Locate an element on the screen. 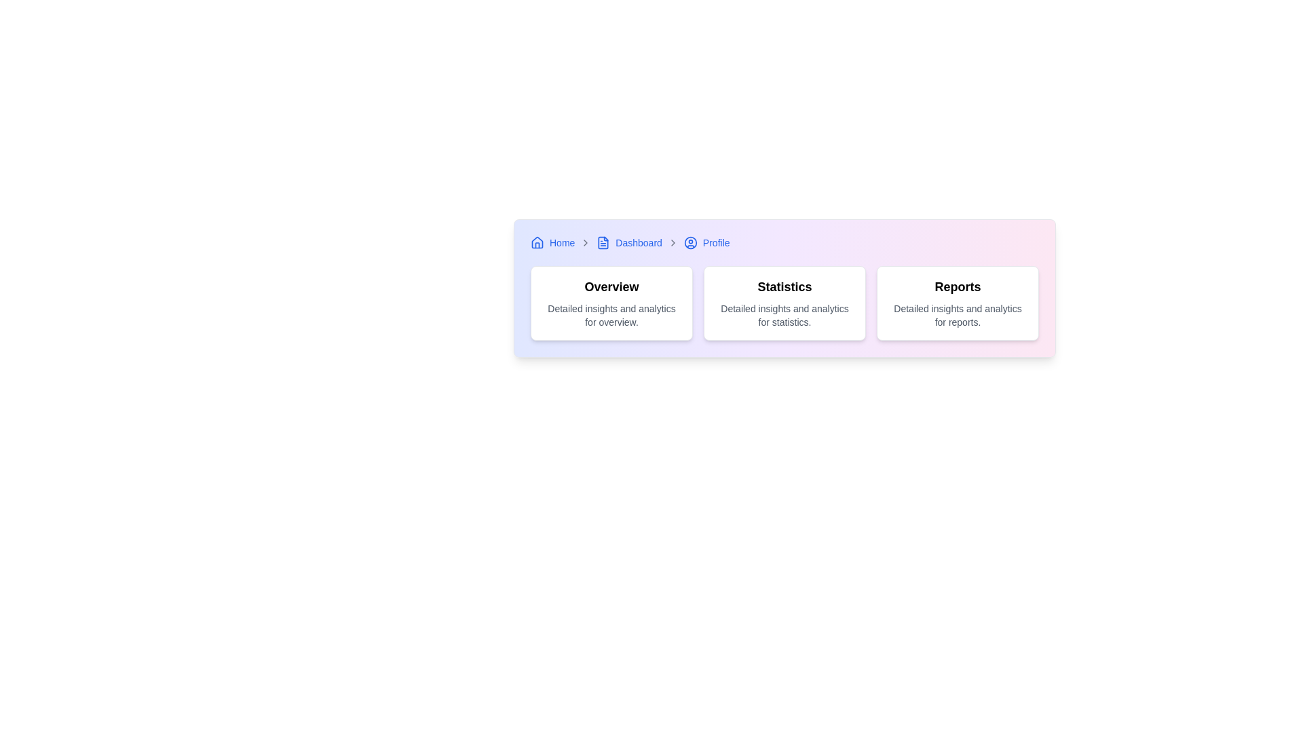  the first breadcrumb link is located at coordinates (561, 242).